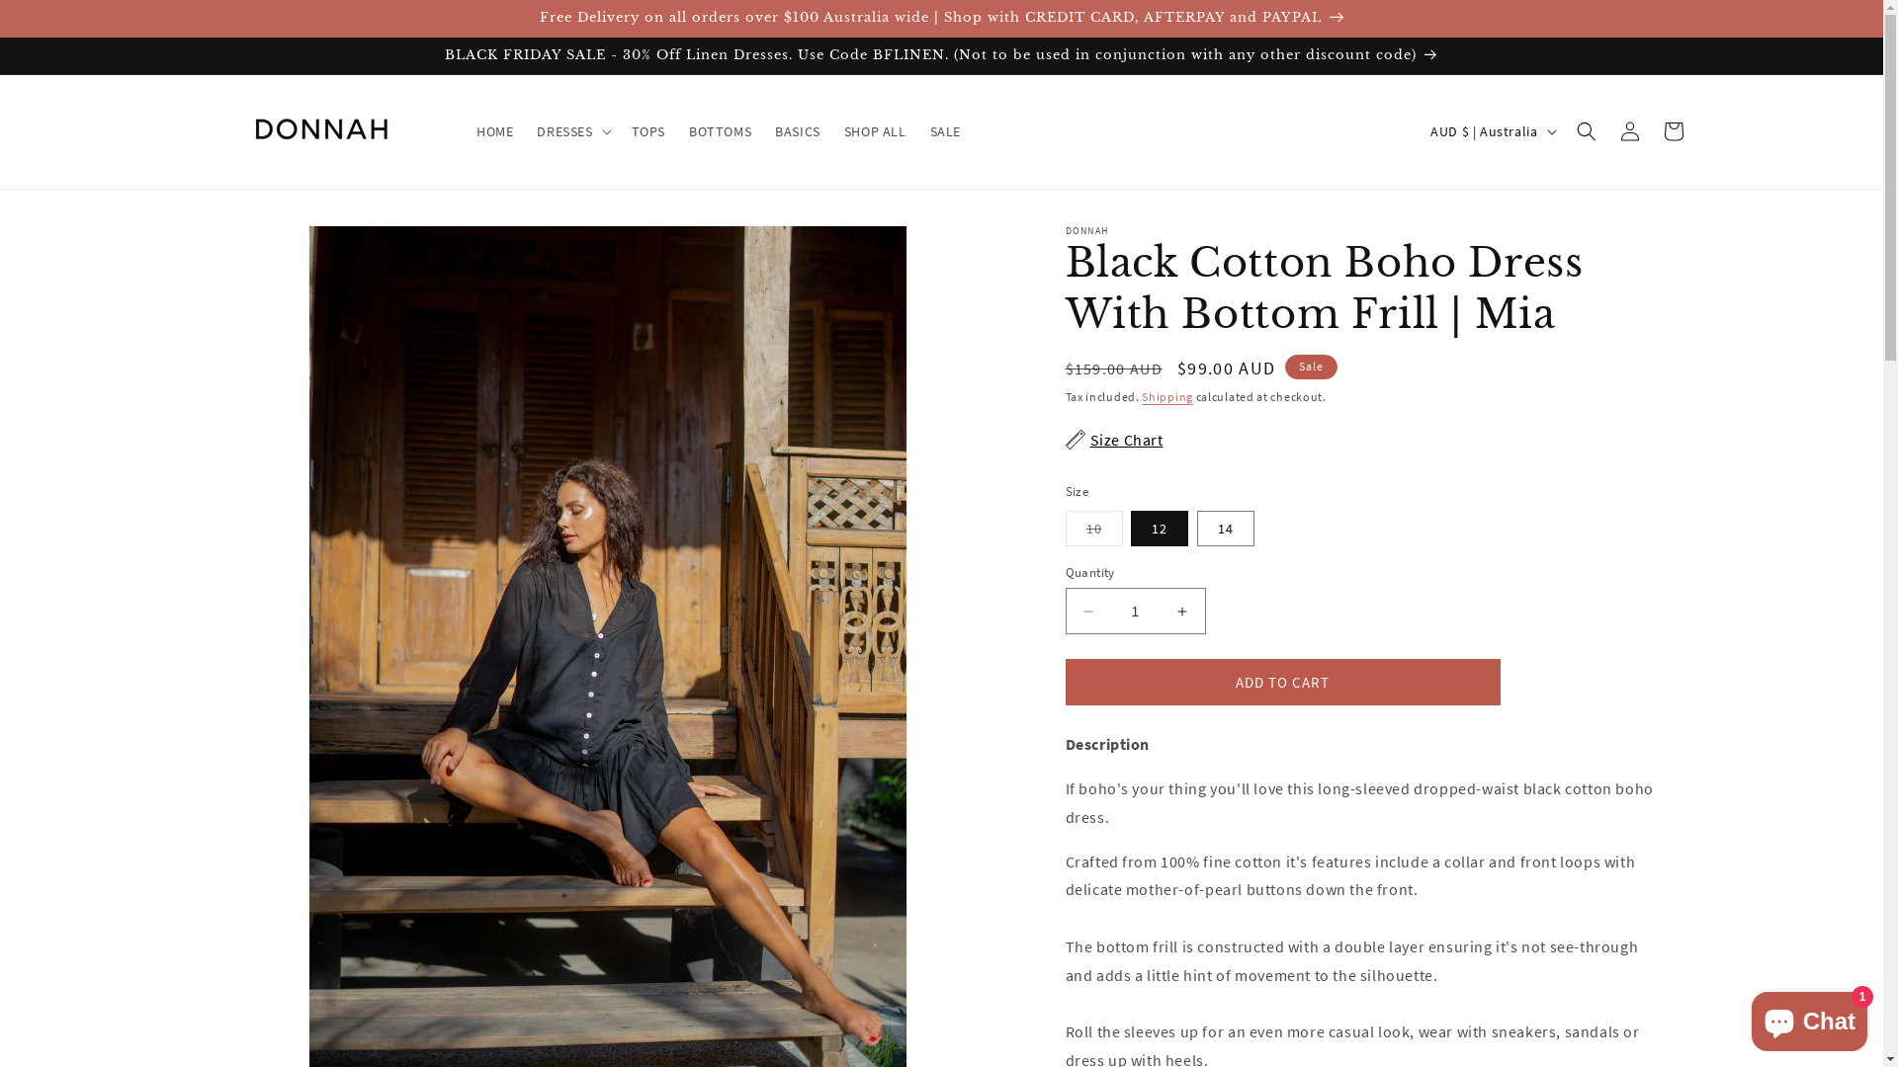 The width and height of the screenshot is (1898, 1067). Describe the element at coordinates (1282, 681) in the screenshot. I see `'ADD TO CART'` at that location.